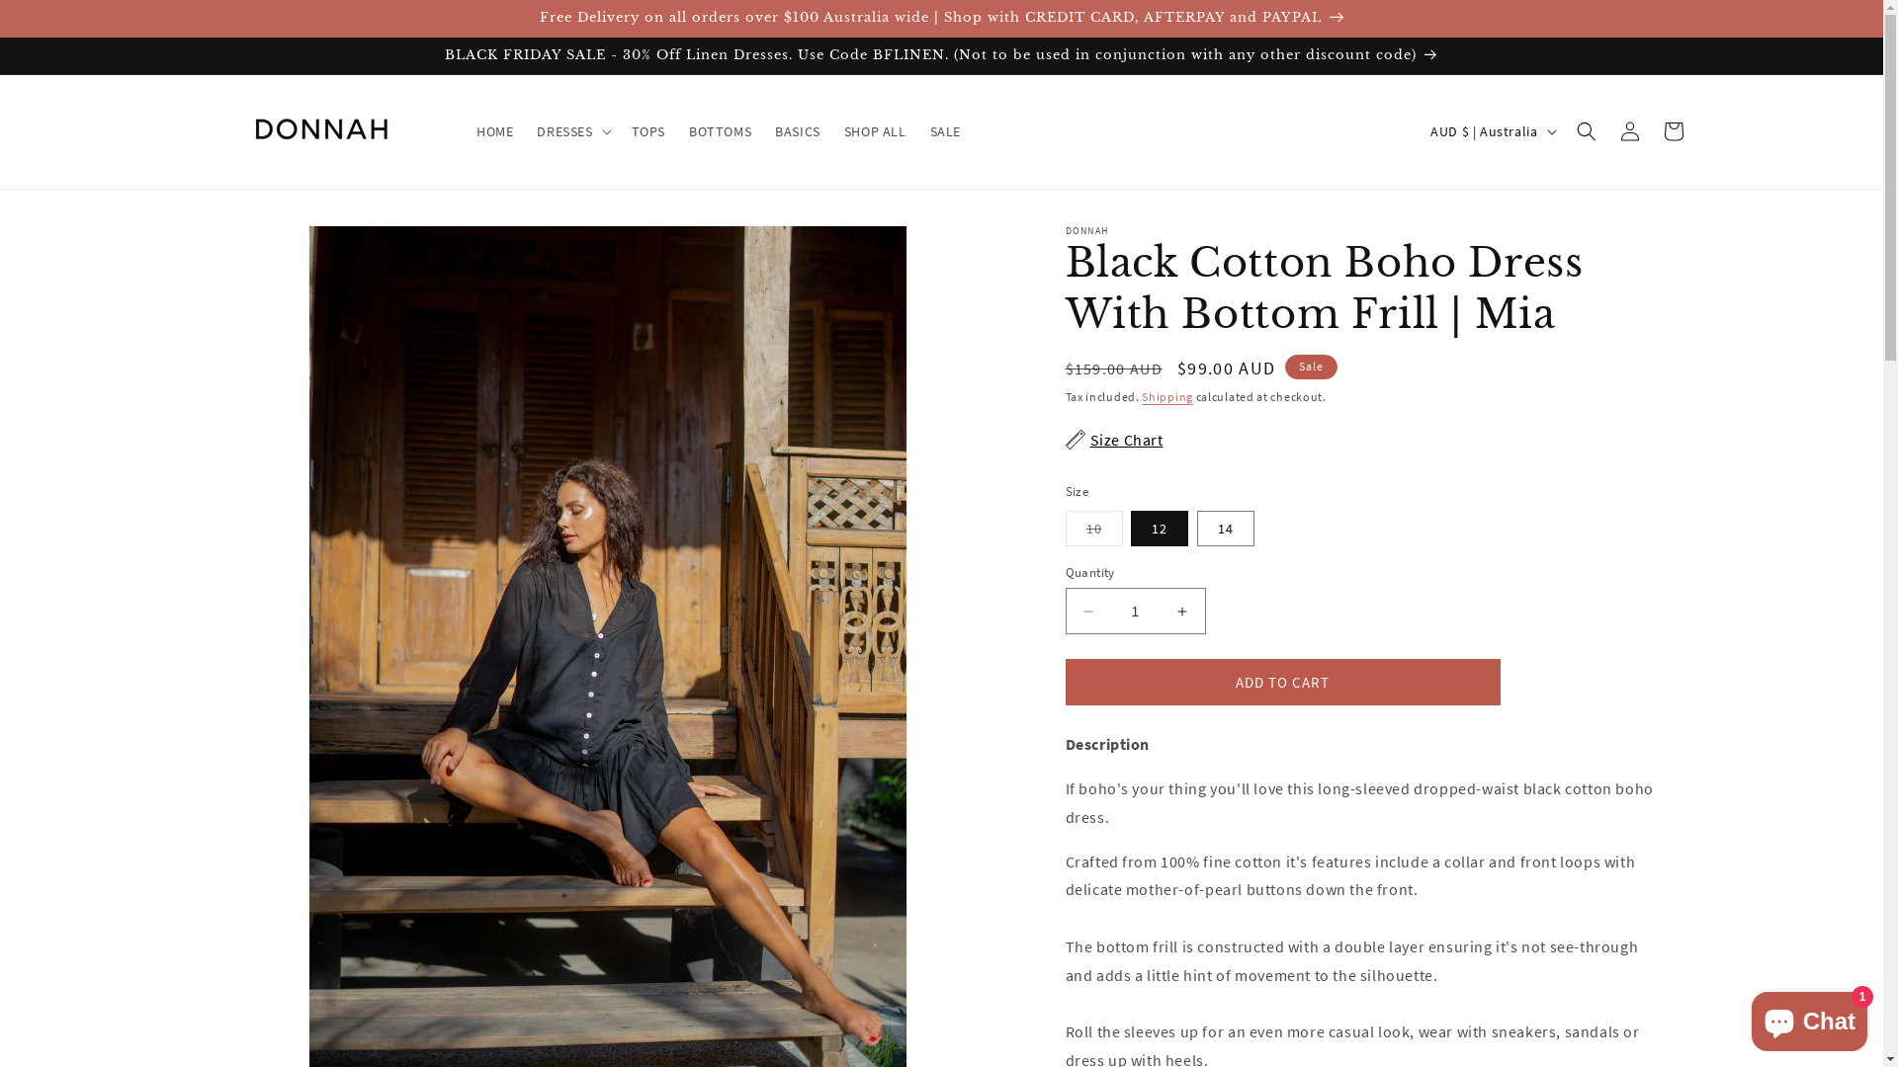 The width and height of the screenshot is (1898, 1067). Describe the element at coordinates (1282, 681) in the screenshot. I see `'ADD TO CART'` at that location.